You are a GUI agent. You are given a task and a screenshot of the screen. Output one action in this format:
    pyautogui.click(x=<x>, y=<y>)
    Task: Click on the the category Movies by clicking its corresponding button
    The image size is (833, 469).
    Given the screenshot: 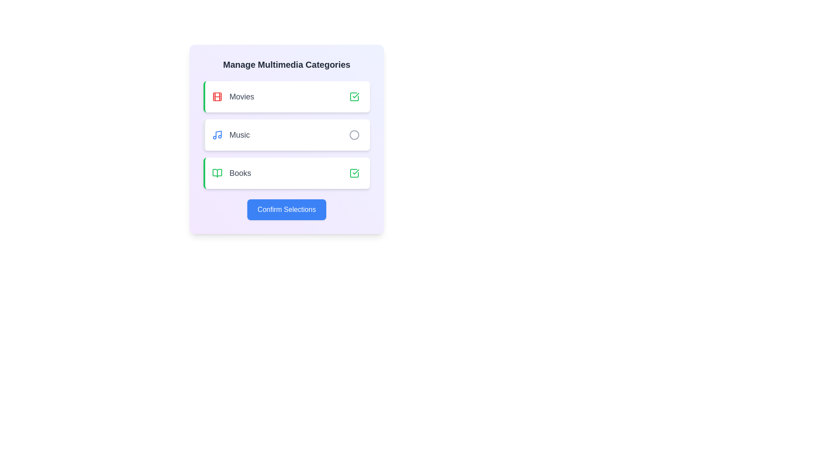 What is the action you would take?
    pyautogui.click(x=354, y=97)
    